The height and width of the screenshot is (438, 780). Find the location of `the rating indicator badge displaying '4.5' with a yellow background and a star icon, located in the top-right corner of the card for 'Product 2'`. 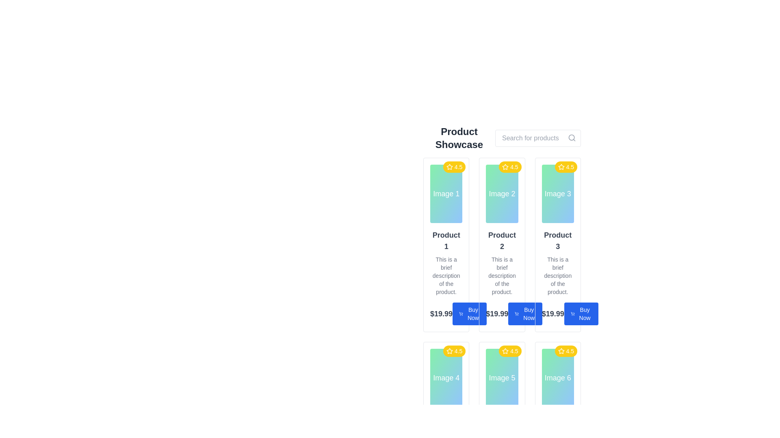

the rating indicator badge displaying '4.5' with a yellow background and a star icon, located in the top-right corner of the card for 'Product 2' is located at coordinates (509, 167).